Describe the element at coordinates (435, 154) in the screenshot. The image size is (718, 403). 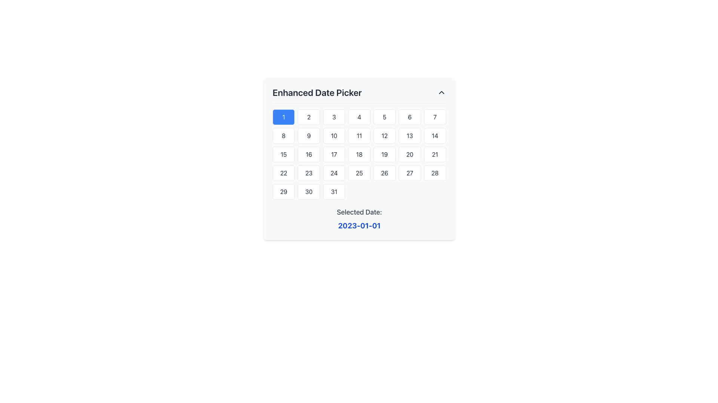
I see `the rectangular button with rounded corners displaying the number '21'` at that location.